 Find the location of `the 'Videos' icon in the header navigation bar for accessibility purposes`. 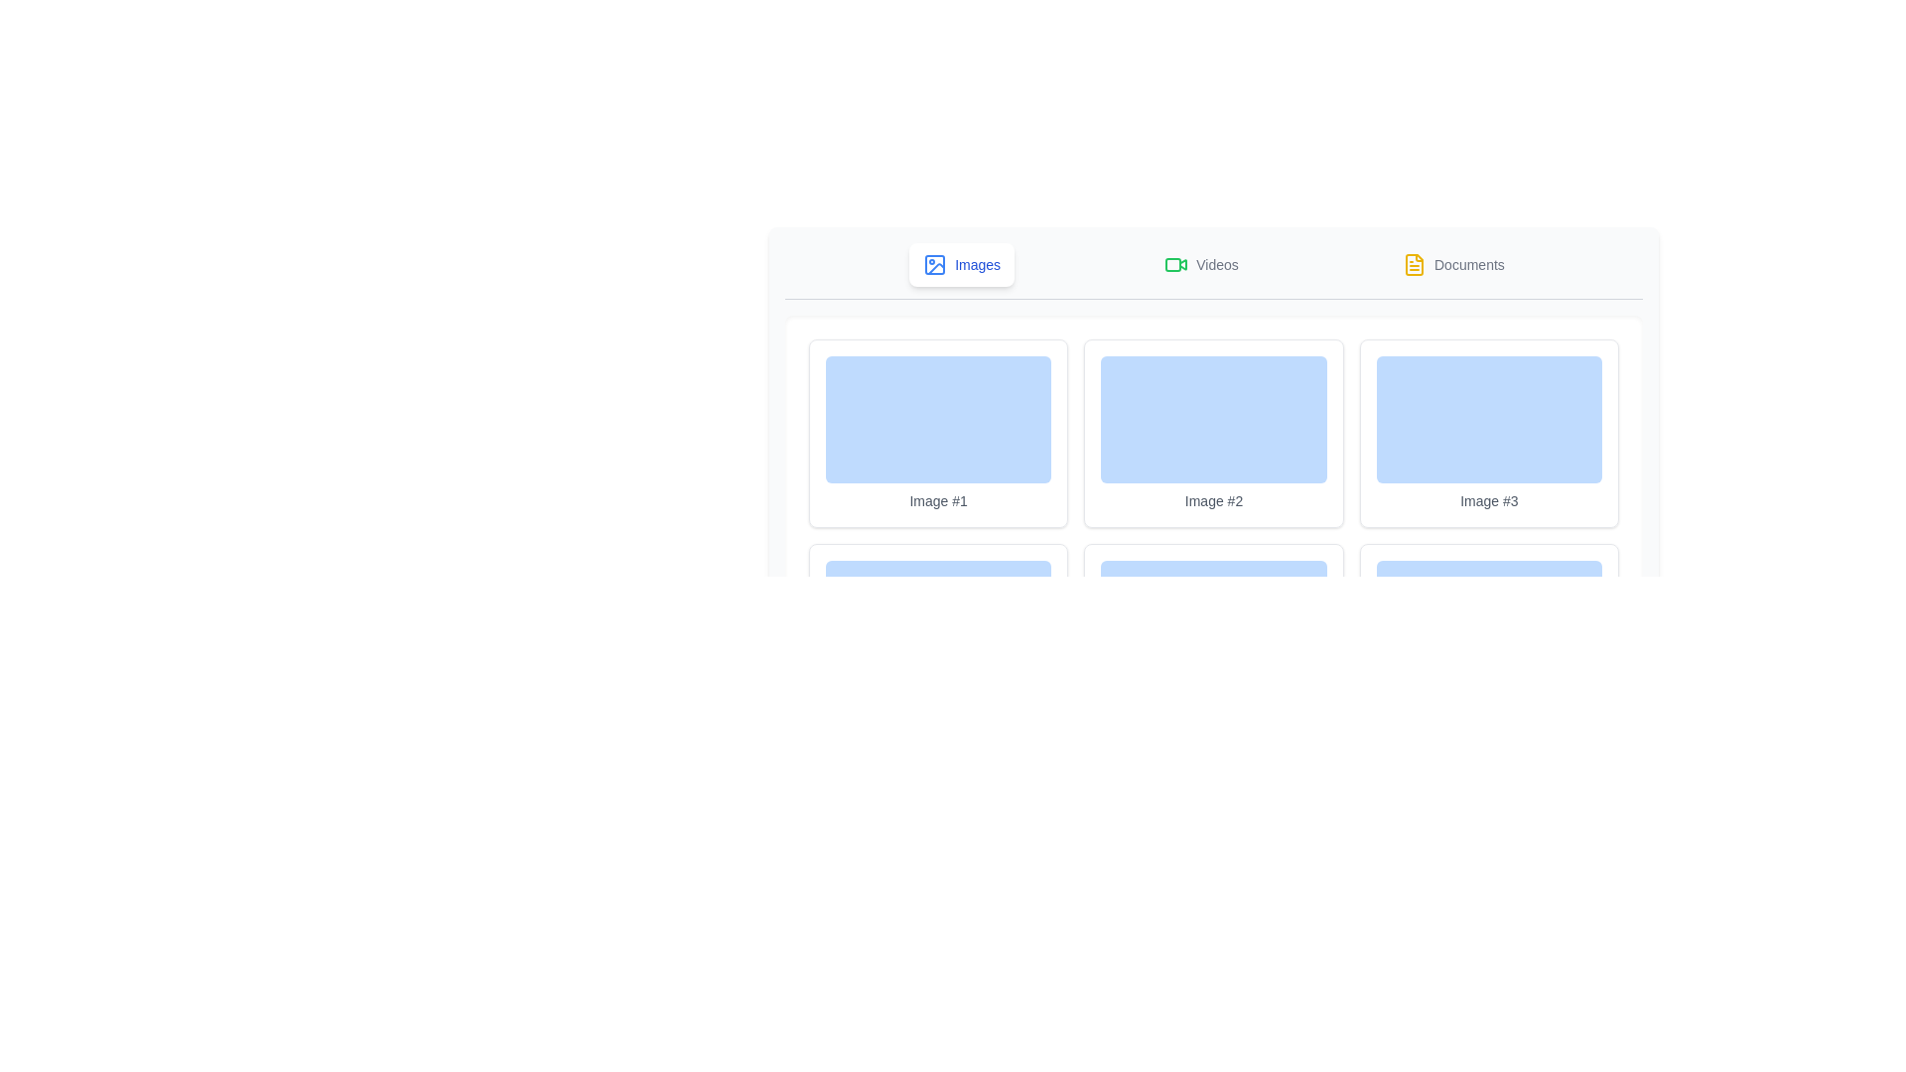

the 'Videos' icon in the header navigation bar for accessibility purposes is located at coordinates (1176, 263).